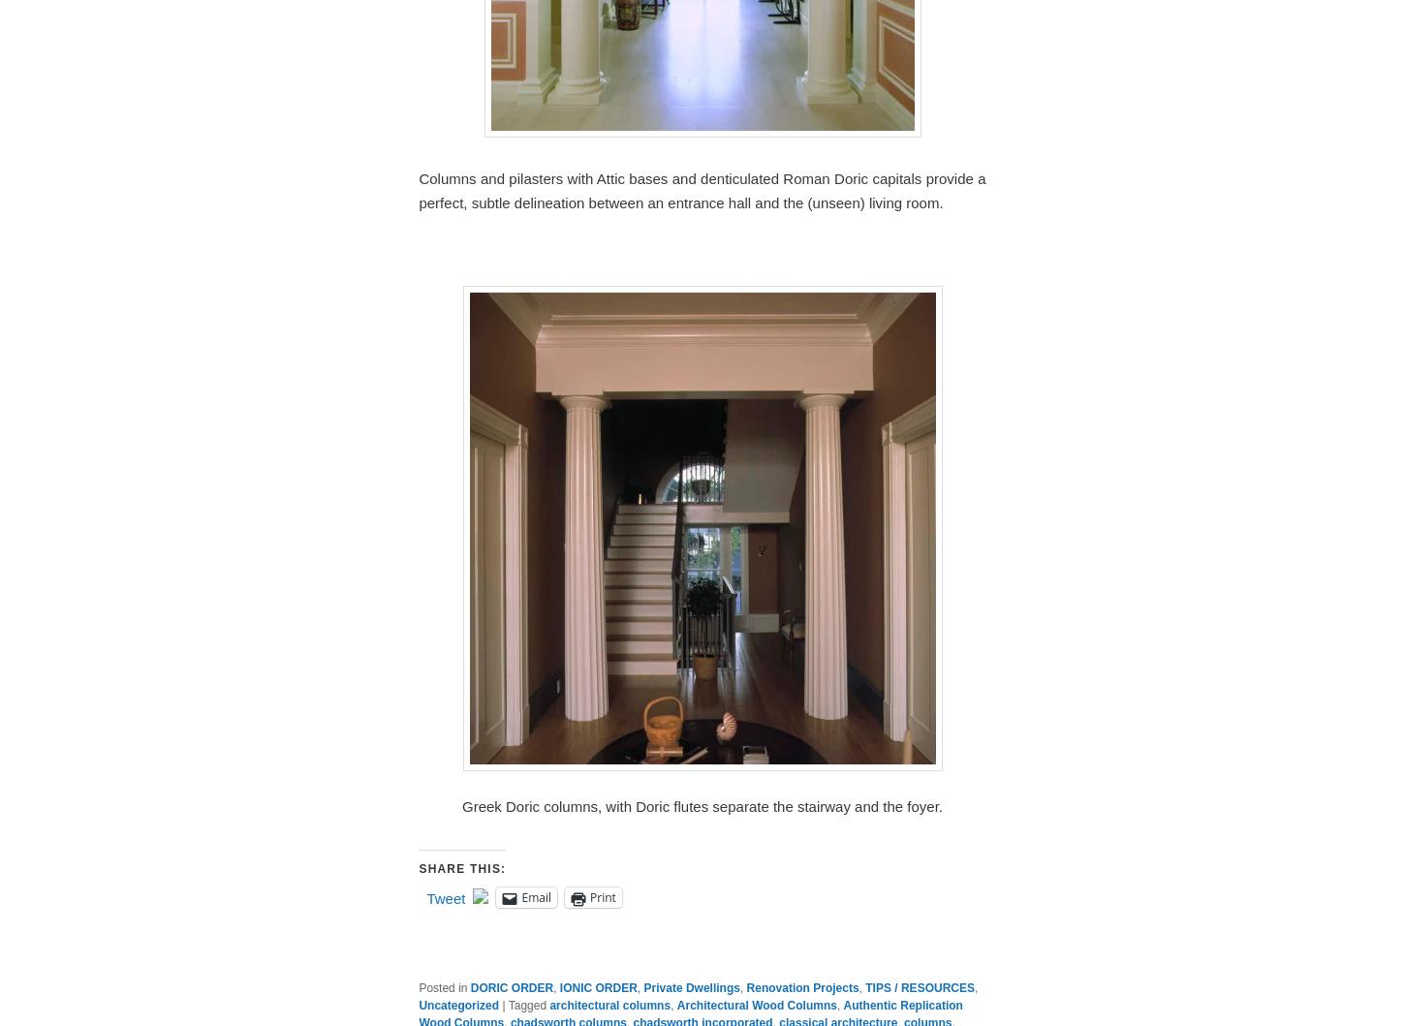 This screenshot has width=1405, height=1026. I want to click on 'Email', so click(536, 897).